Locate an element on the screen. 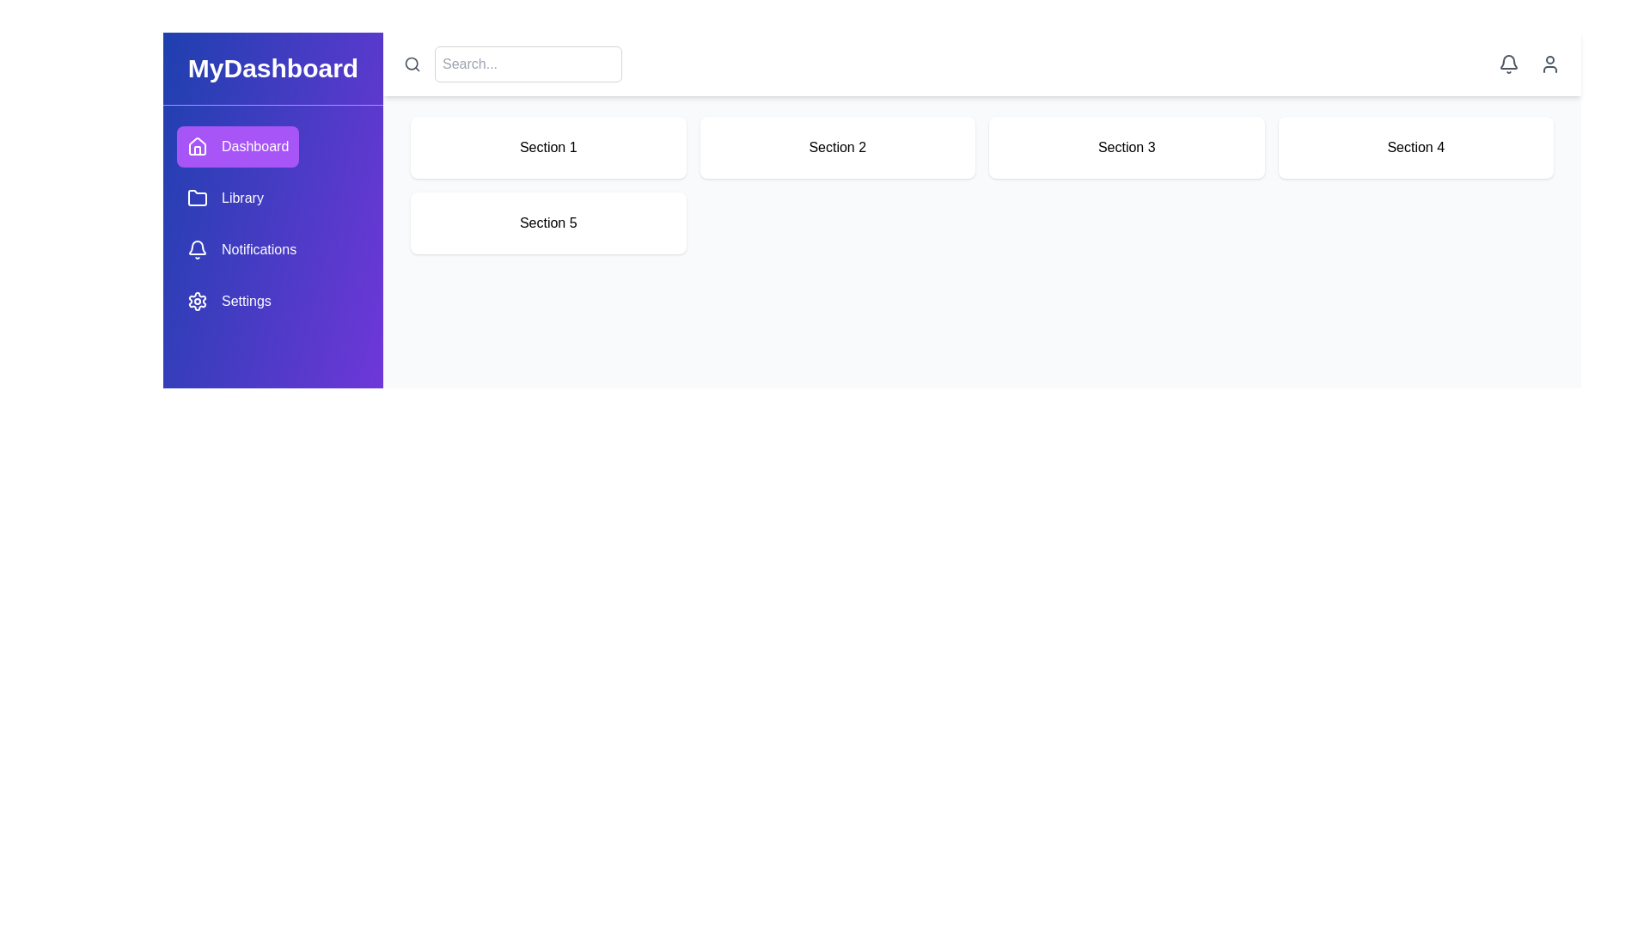 The image size is (1650, 928). the static user profile icon located at the top-right corner of the interface, positioned to the right of the notification bell icon is located at coordinates (1550, 63).